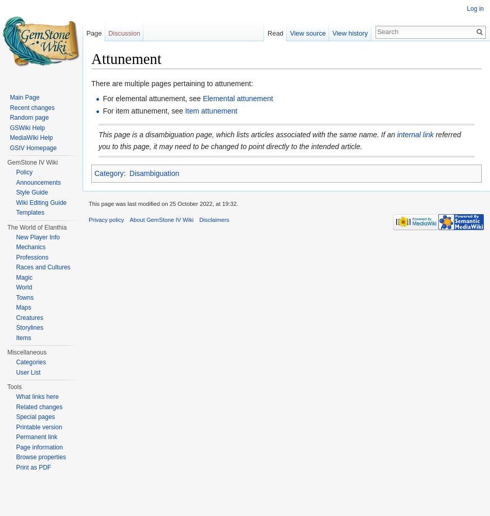 The image size is (490, 516). What do you see at coordinates (279, 140) in the screenshot?
I see `'referred you to this page, it may need to be changed to point directly to the intended article.'` at bounding box center [279, 140].